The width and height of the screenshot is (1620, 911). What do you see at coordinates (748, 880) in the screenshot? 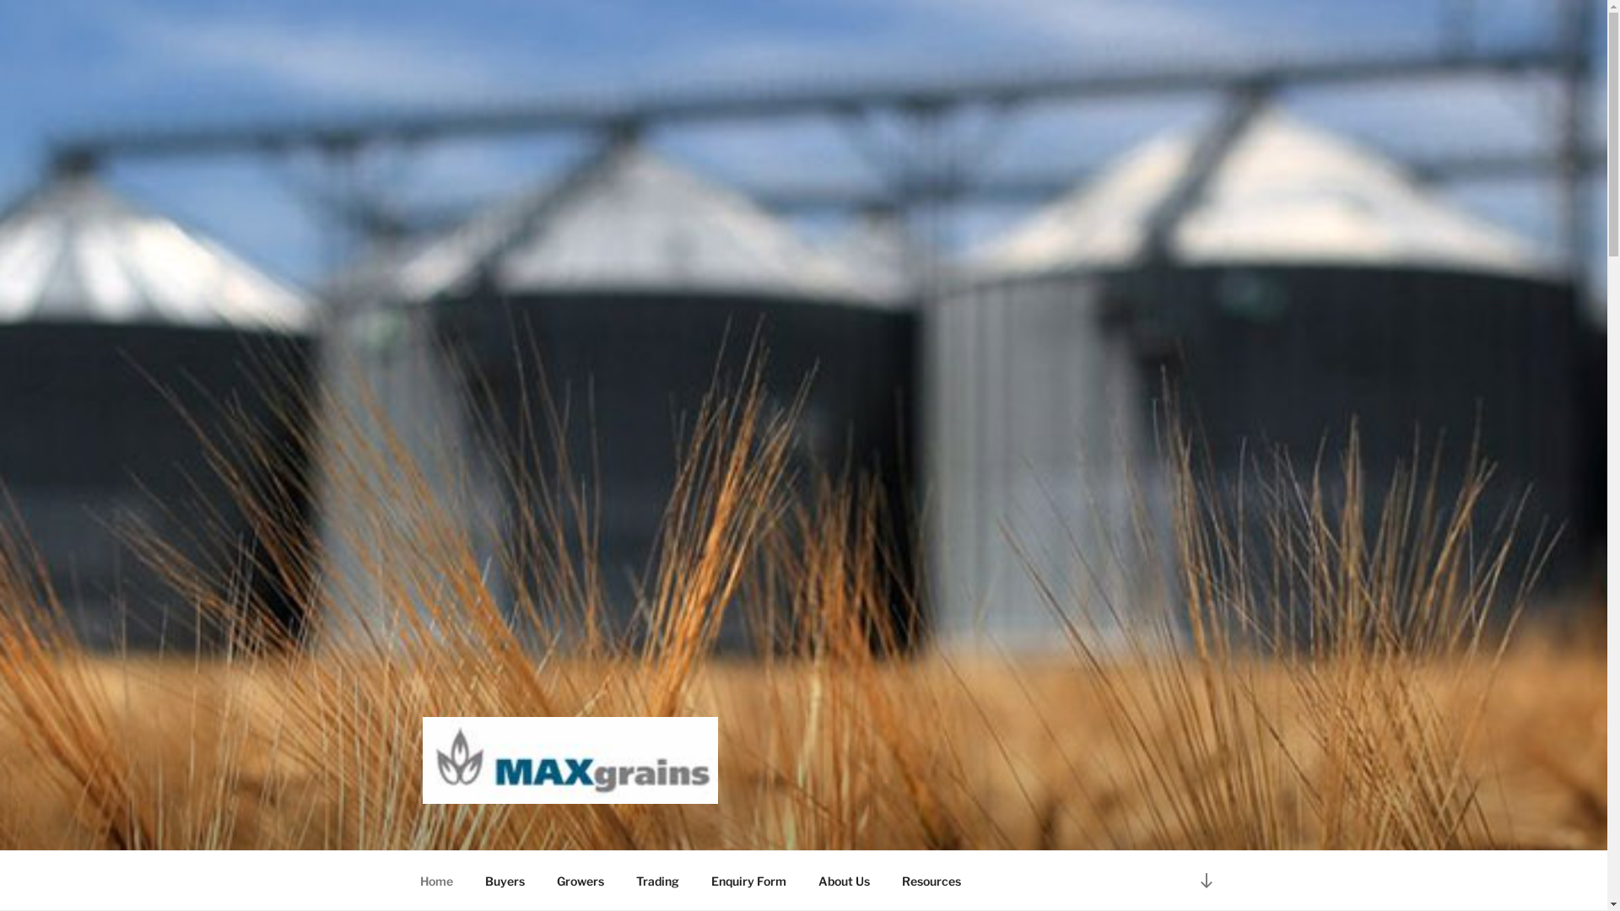
I see `'Enquiry Form'` at bounding box center [748, 880].